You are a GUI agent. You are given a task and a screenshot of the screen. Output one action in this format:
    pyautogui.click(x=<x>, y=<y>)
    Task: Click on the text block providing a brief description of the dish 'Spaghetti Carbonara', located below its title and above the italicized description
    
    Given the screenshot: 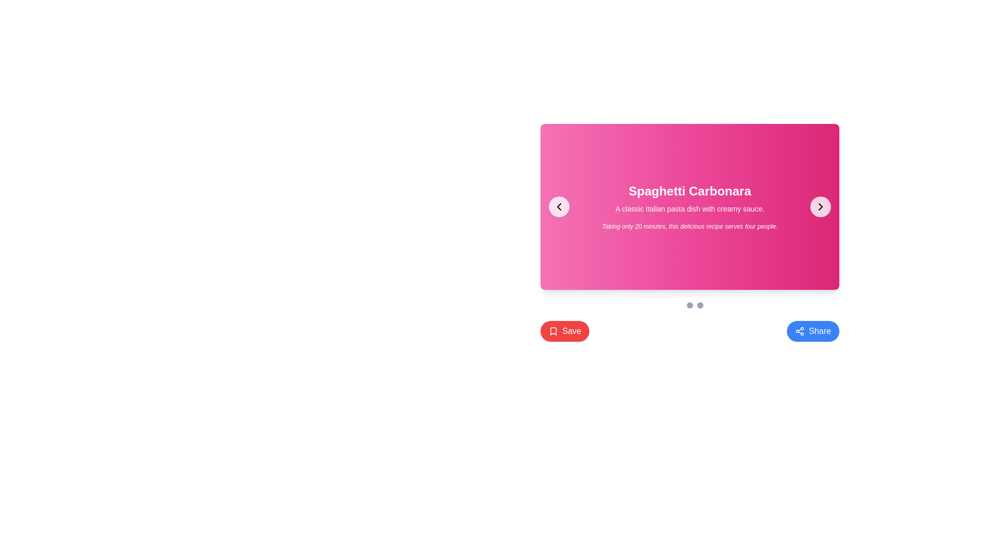 What is the action you would take?
    pyautogui.click(x=689, y=208)
    